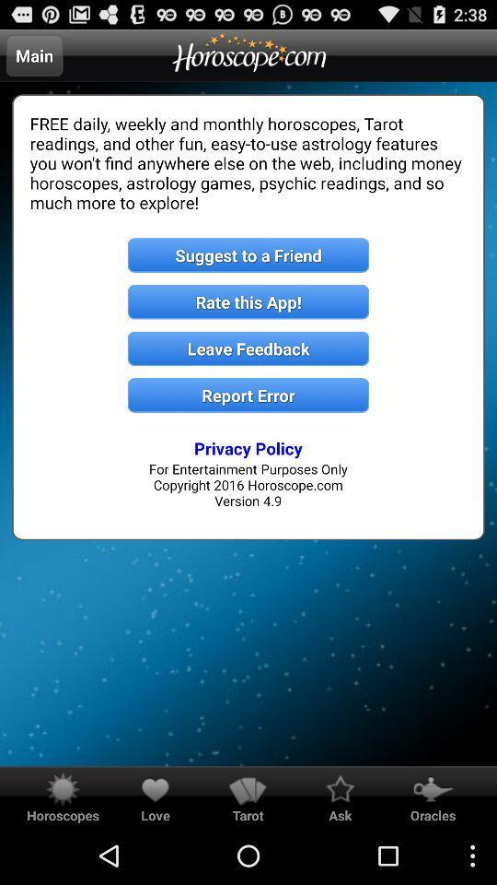  What do you see at coordinates (248, 301) in the screenshot?
I see `button below suggest to a` at bounding box center [248, 301].